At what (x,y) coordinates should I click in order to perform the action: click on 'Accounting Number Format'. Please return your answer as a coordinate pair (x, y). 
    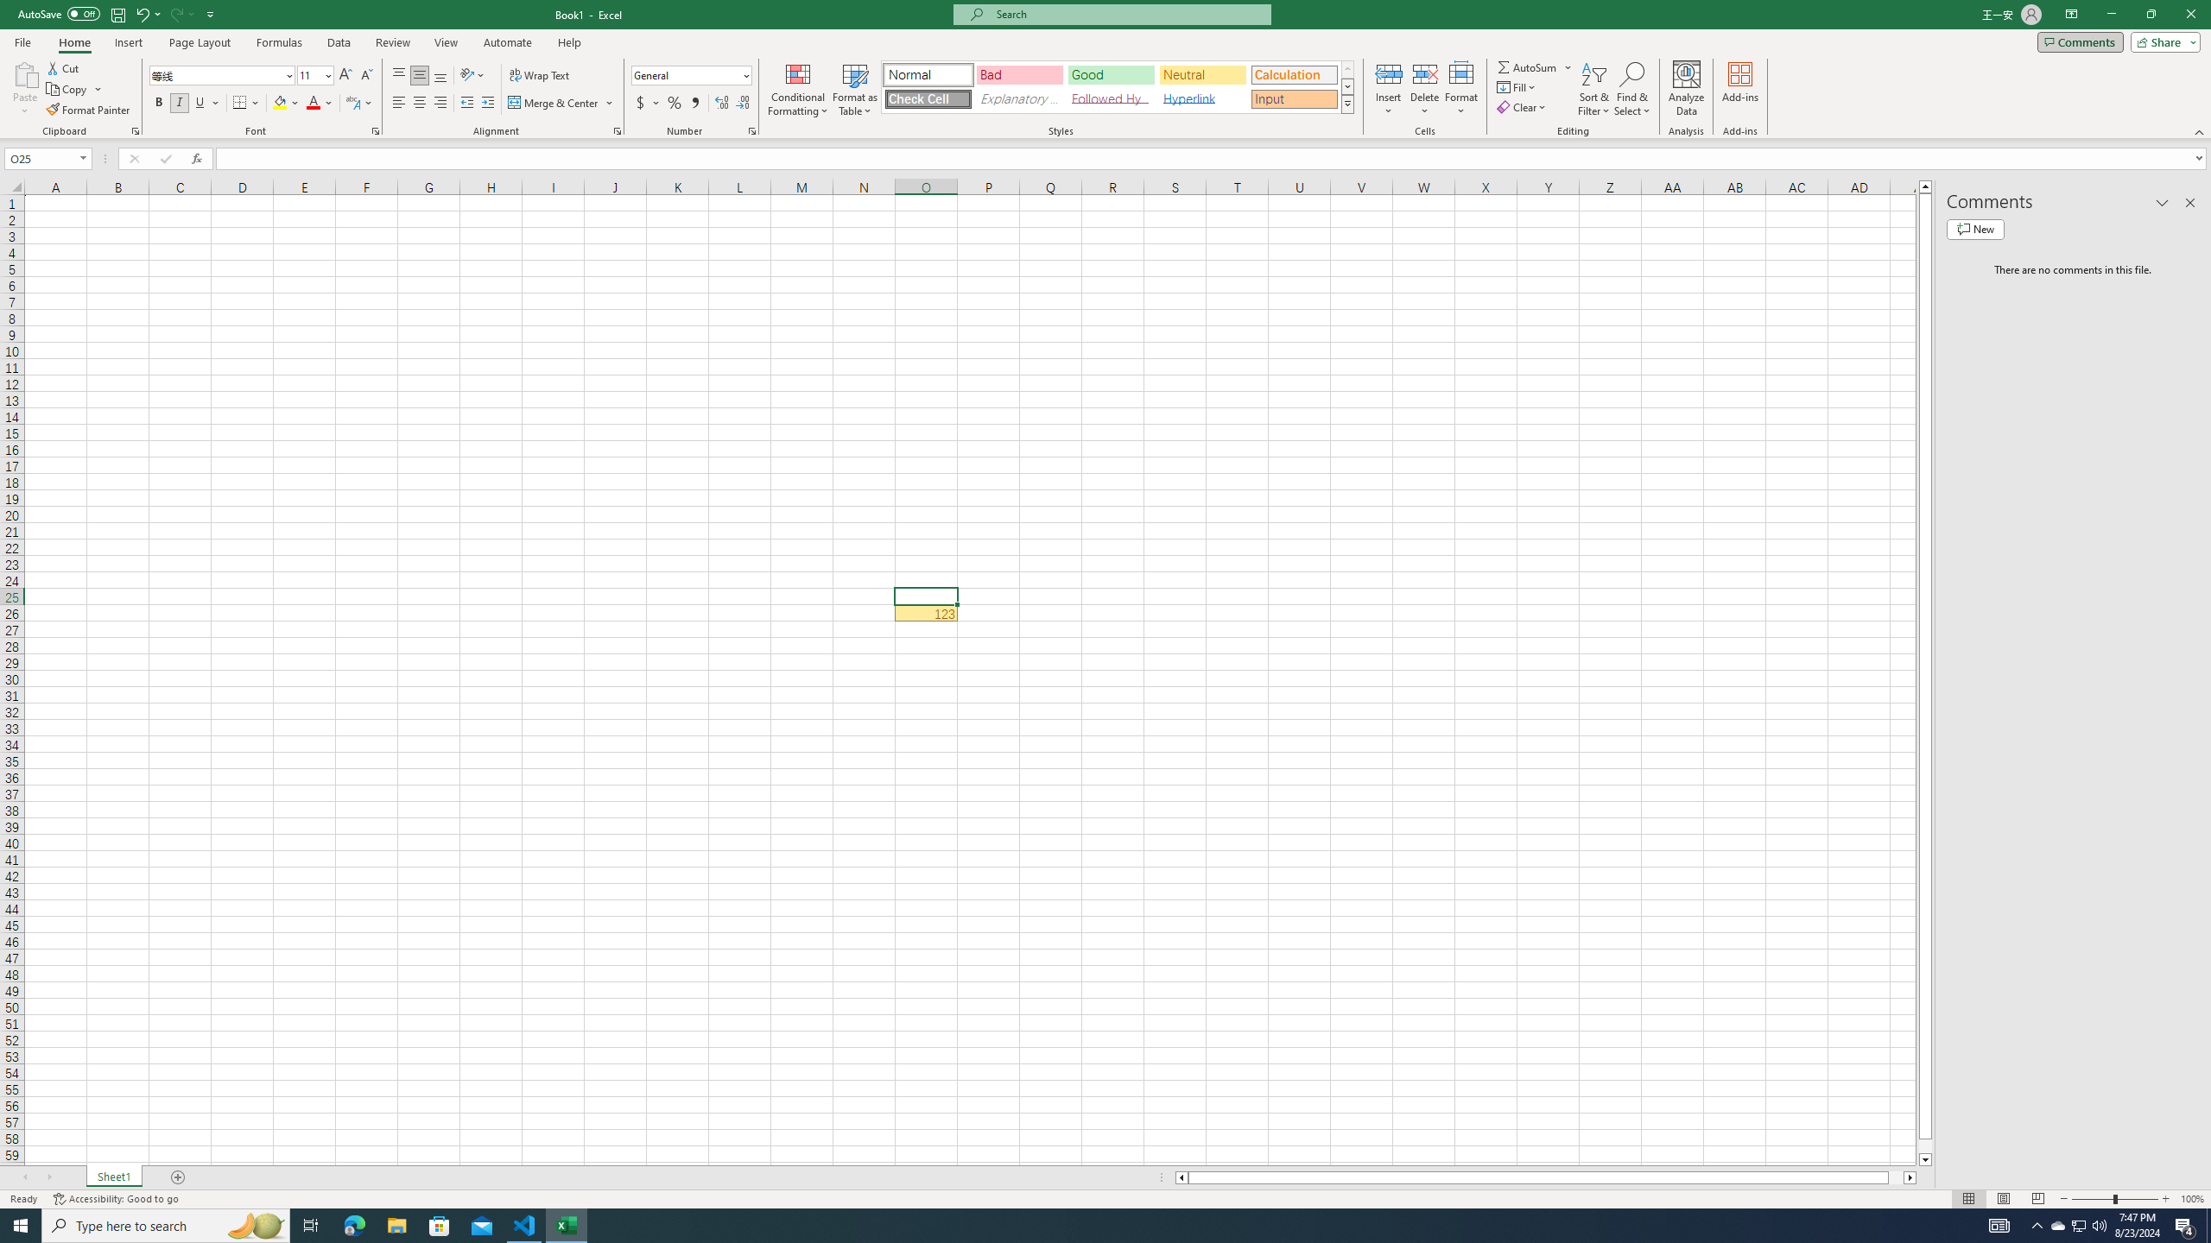
    Looking at the image, I should click on (648, 102).